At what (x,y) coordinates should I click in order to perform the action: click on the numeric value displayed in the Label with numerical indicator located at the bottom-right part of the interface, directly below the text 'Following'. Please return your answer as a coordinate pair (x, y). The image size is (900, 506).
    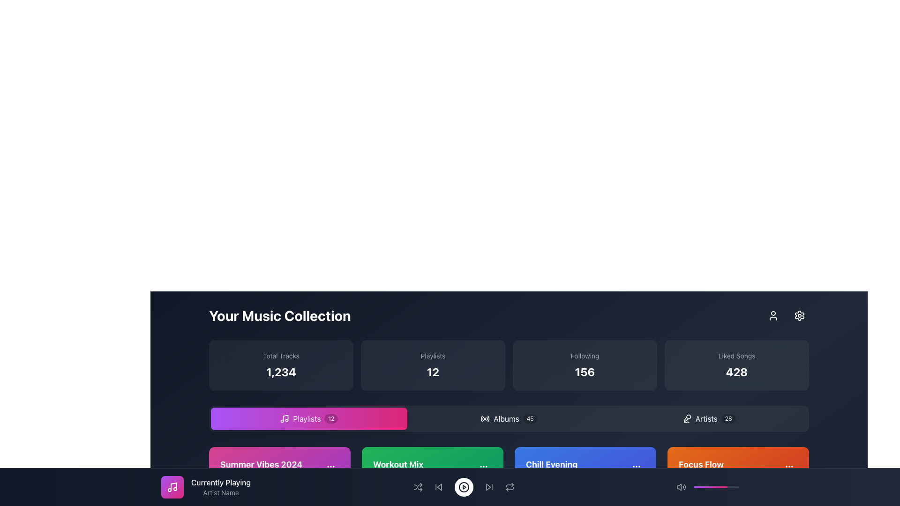
    Looking at the image, I should click on (585, 372).